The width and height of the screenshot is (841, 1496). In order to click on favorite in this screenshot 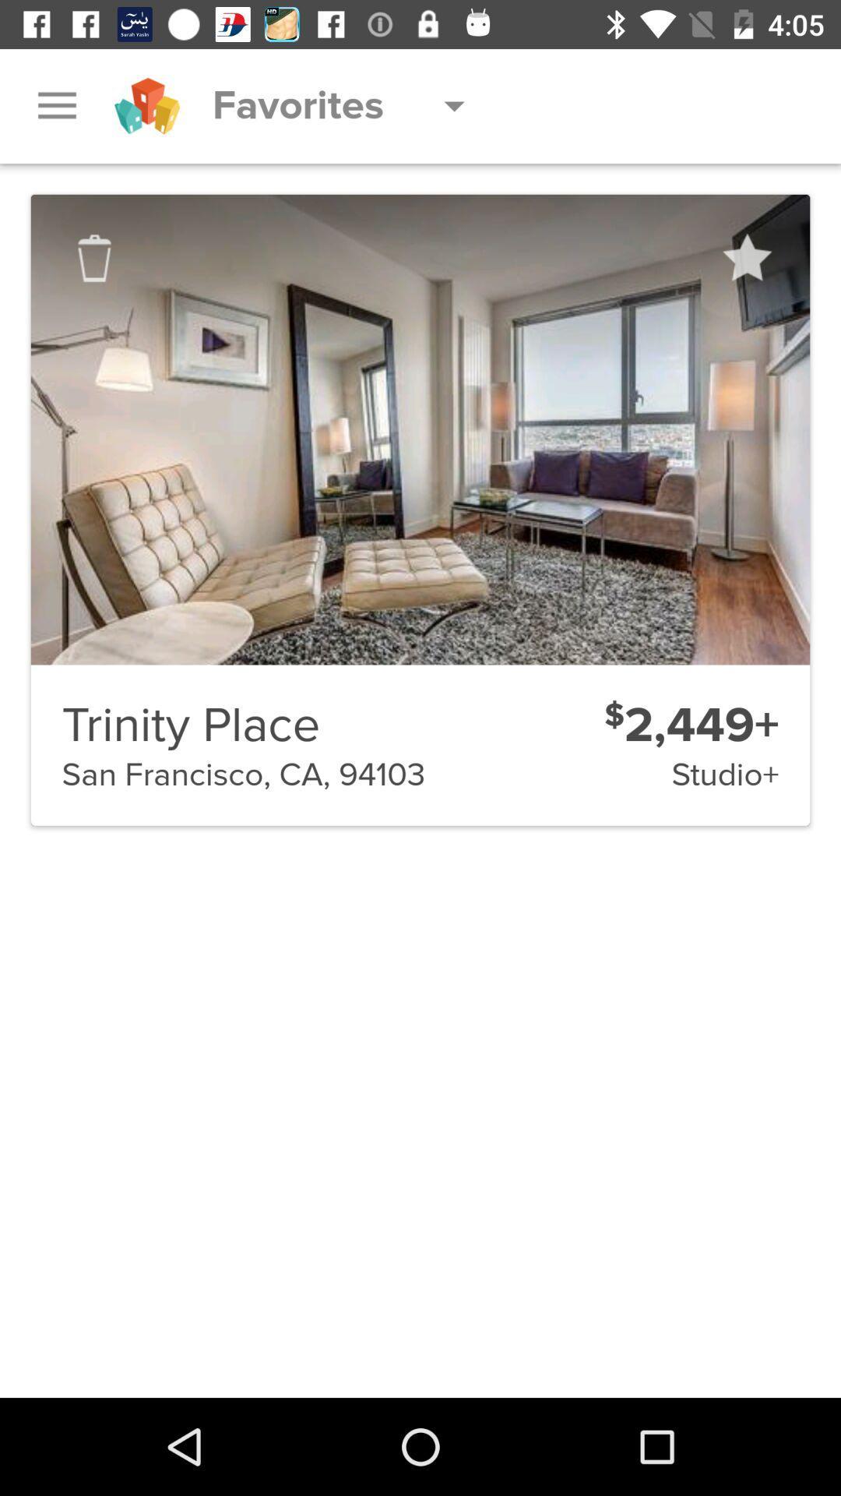, I will do `click(745, 258)`.